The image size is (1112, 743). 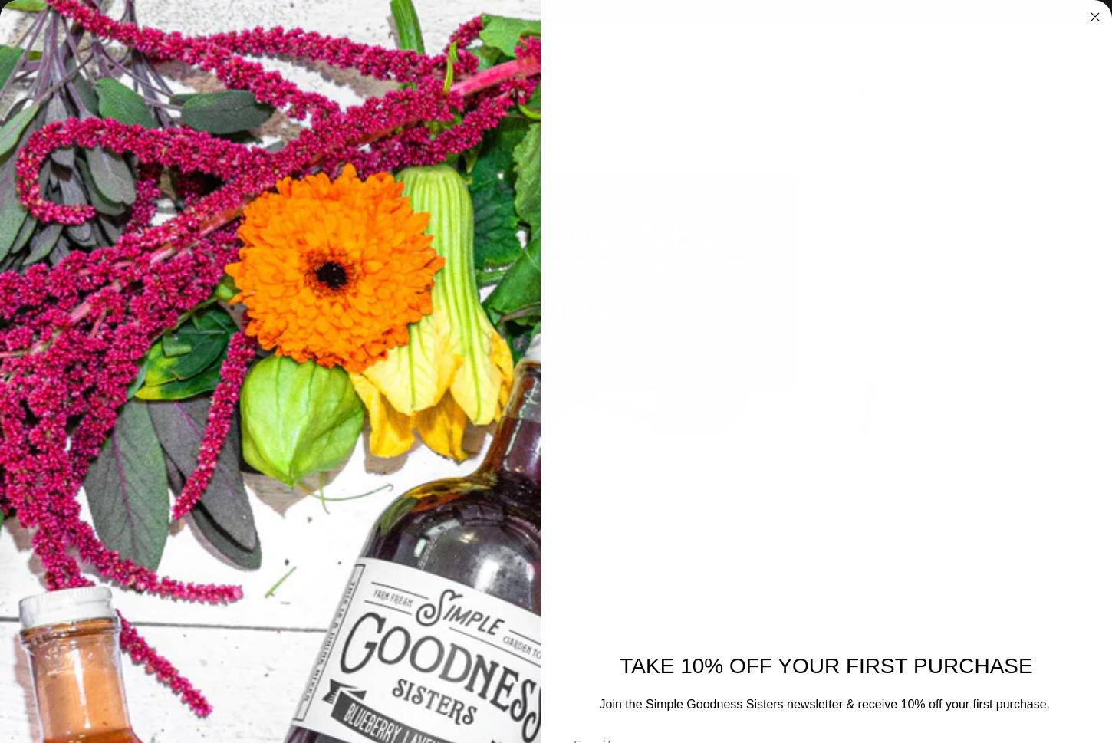 What do you see at coordinates (720, 223) in the screenshot?
I see `'The Cocktail Farm'` at bounding box center [720, 223].